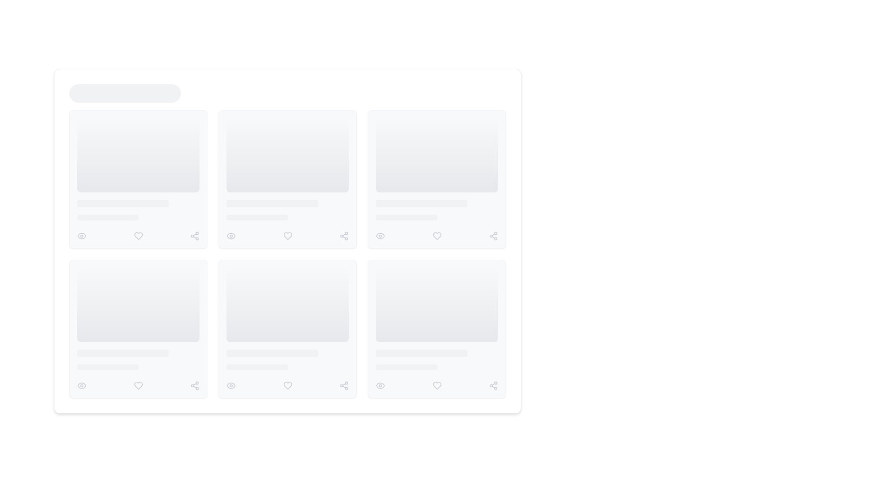 The height and width of the screenshot is (502, 893). I want to click on the sharing icon located at the bottom-right corner of the card, so click(343, 236).